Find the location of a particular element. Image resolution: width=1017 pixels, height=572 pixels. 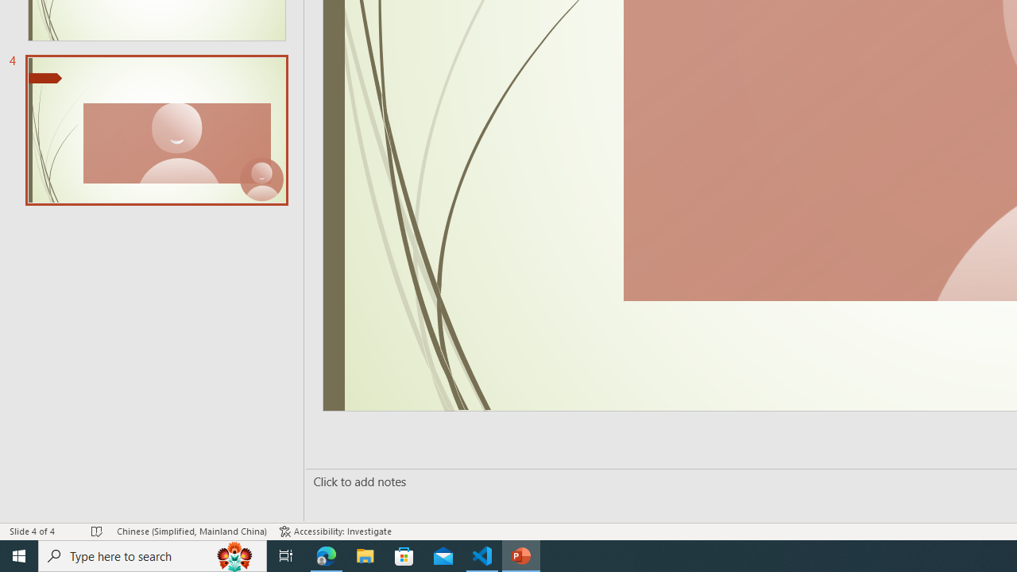

'Spell Check No Errors' is located at coordinates (97, 531).